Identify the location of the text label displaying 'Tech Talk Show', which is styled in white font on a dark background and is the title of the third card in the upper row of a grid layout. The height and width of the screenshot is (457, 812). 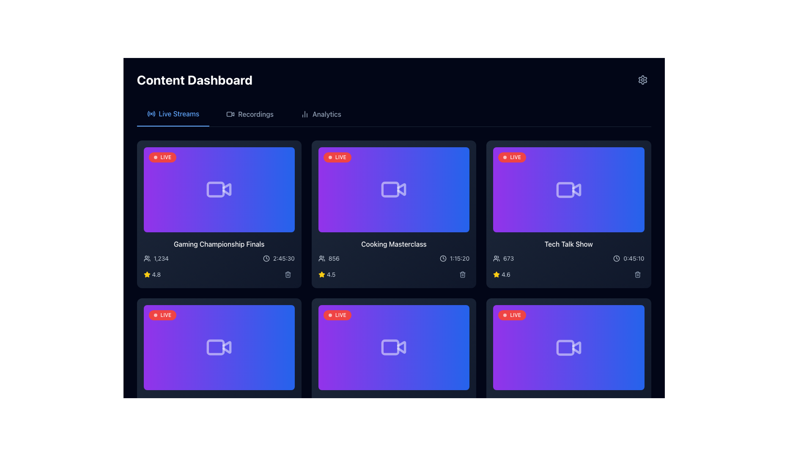
(568, 244).